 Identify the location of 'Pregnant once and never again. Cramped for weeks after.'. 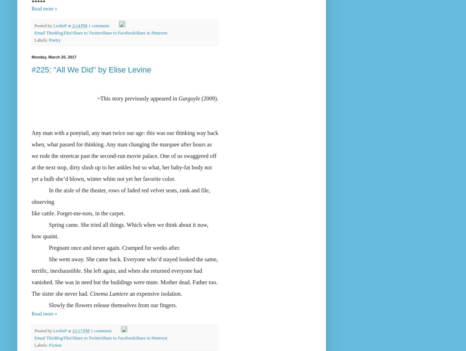
(106, 247).